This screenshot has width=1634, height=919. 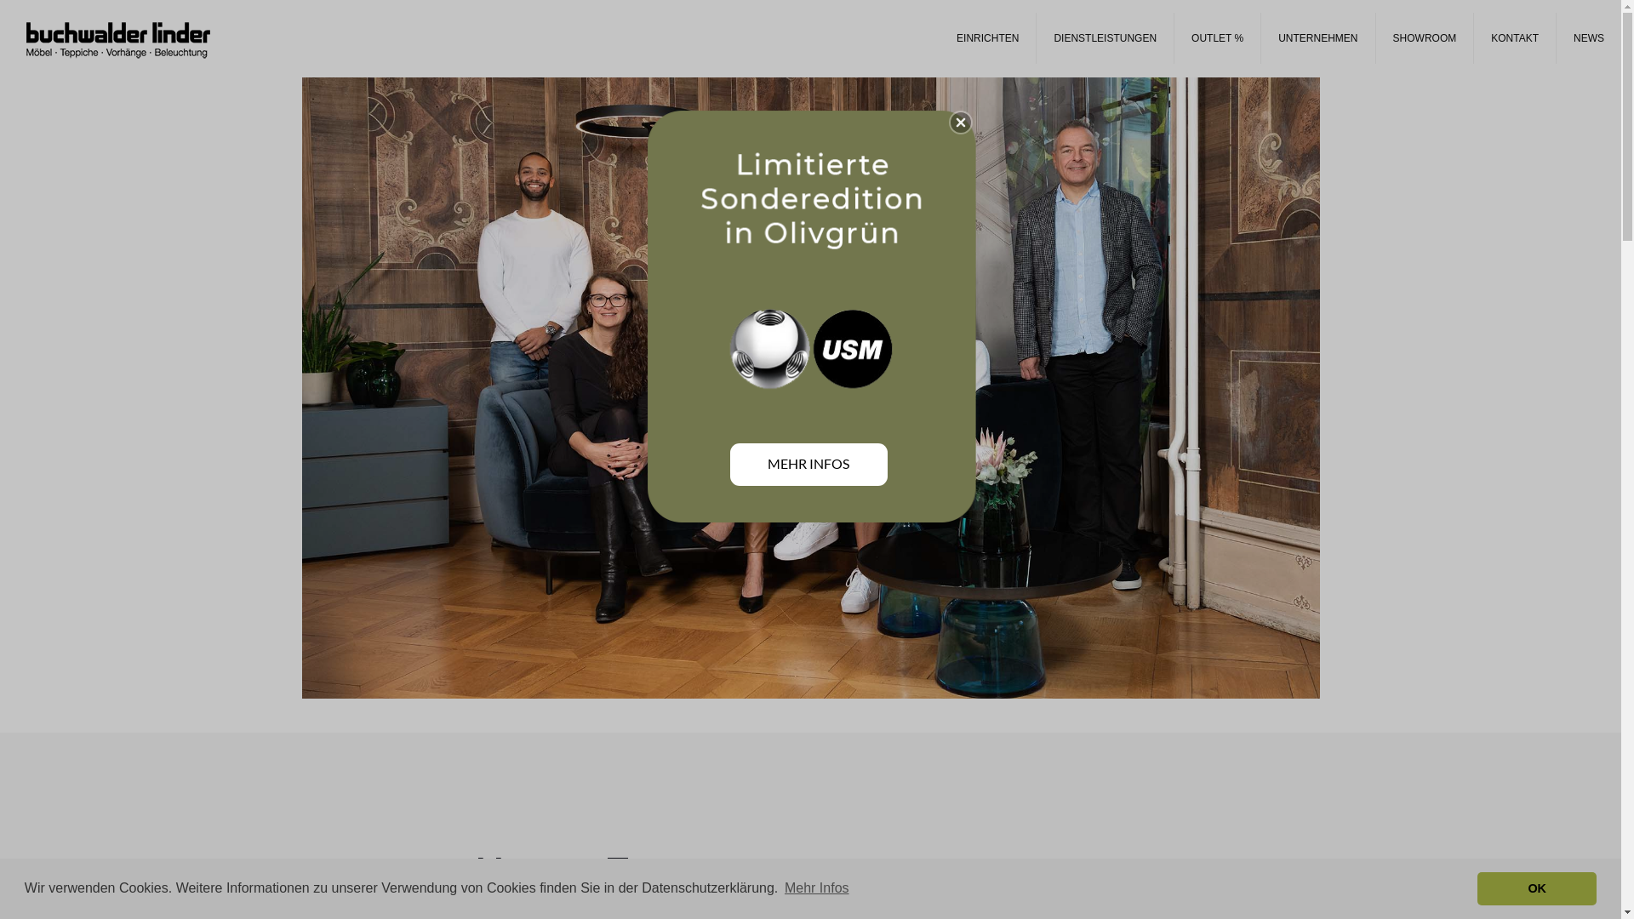 I want to click on 'OUTLET %', so click(x=1216, y=38).